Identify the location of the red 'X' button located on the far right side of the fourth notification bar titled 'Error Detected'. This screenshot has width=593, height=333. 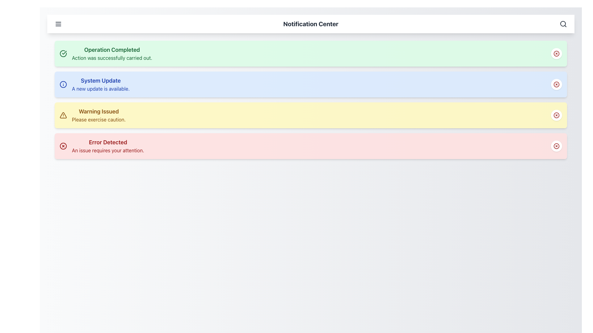
(556, 146).